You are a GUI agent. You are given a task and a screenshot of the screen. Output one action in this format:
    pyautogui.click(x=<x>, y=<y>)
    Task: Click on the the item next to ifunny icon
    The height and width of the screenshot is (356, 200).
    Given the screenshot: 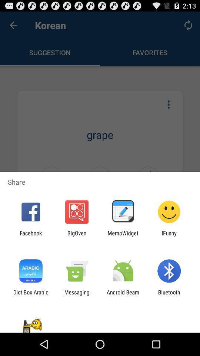 What is the action you would take?
    pyautogui.click(x=123, y=236)
    